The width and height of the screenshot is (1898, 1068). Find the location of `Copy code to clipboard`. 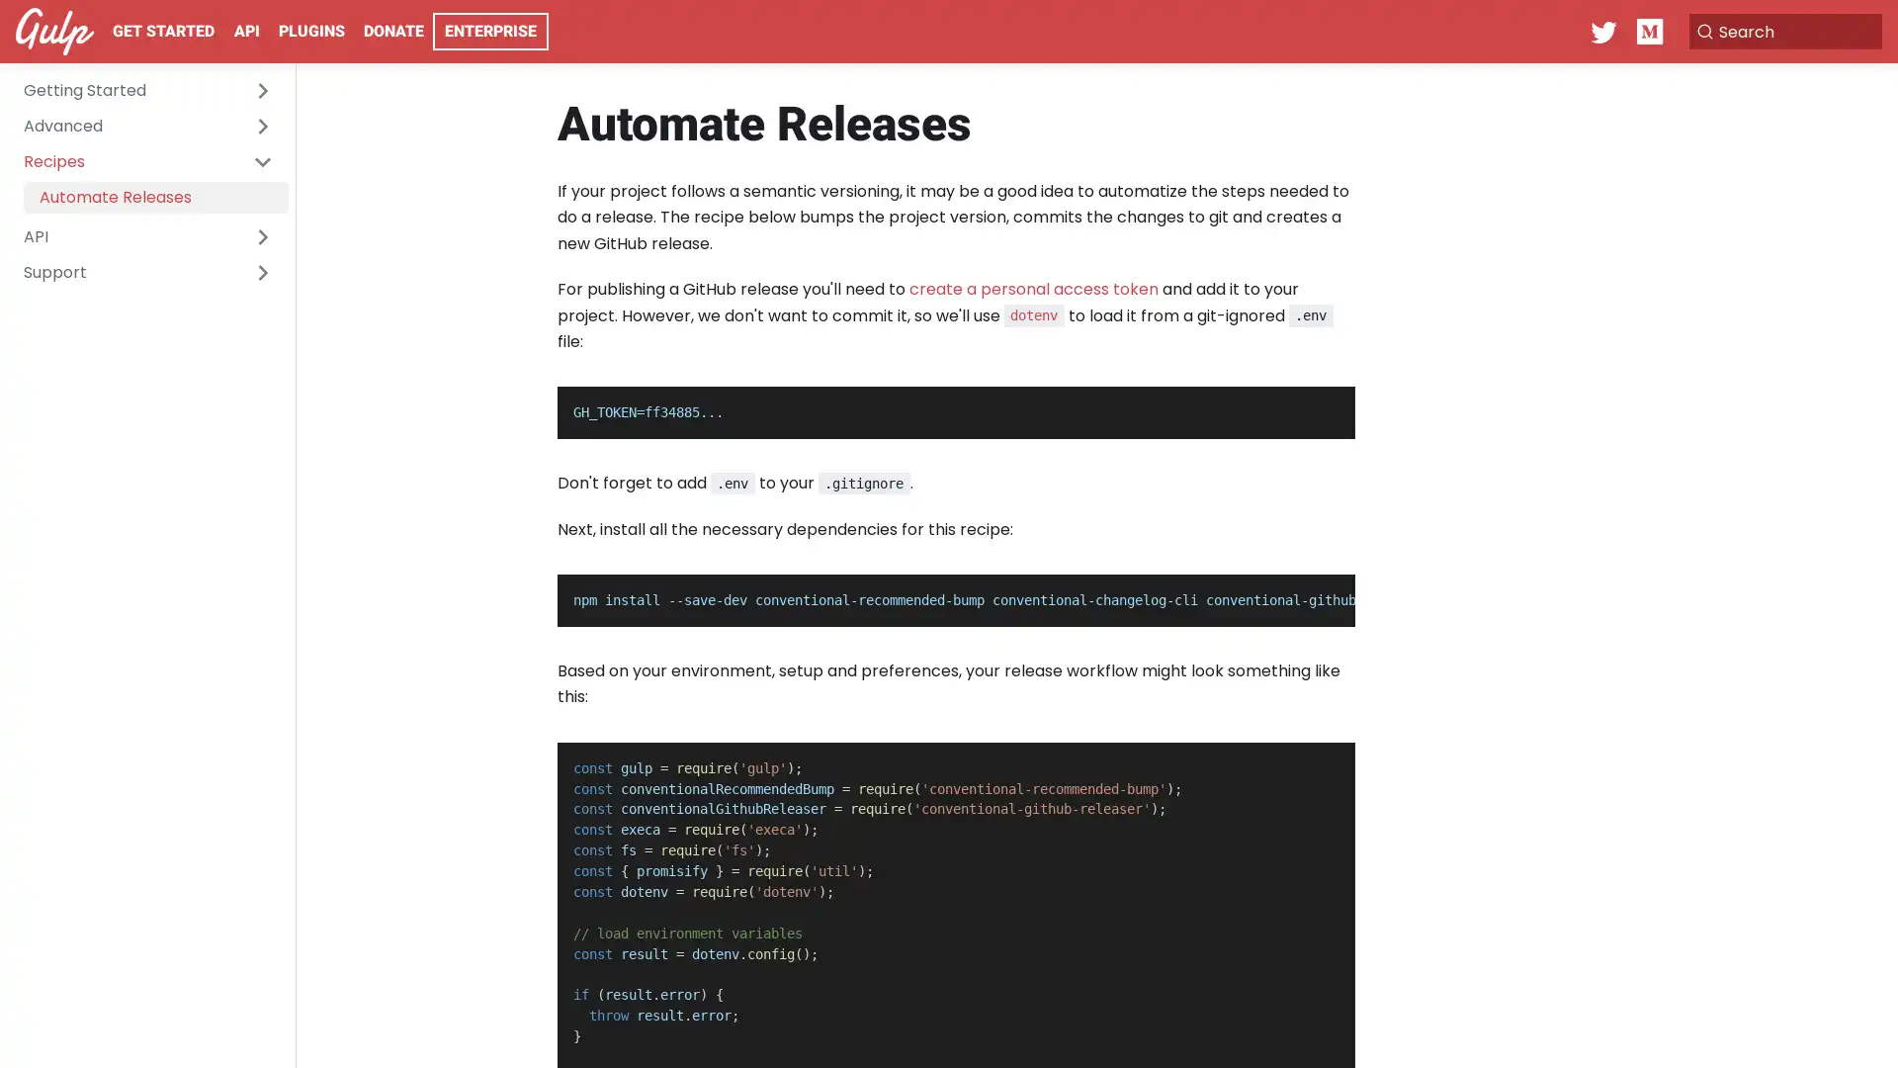

Copy code to clipboard is located at coordinates (1323, 594).